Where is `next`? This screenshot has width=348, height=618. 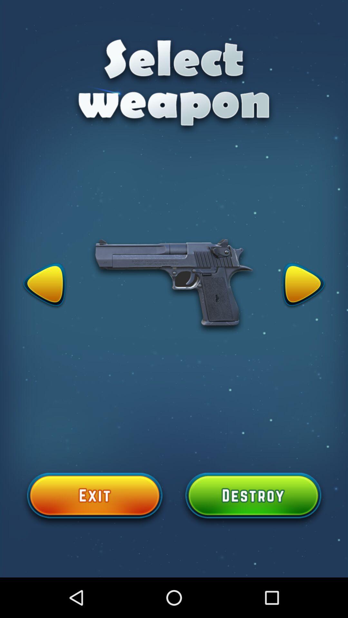 next is located at coordinates (303, 286).